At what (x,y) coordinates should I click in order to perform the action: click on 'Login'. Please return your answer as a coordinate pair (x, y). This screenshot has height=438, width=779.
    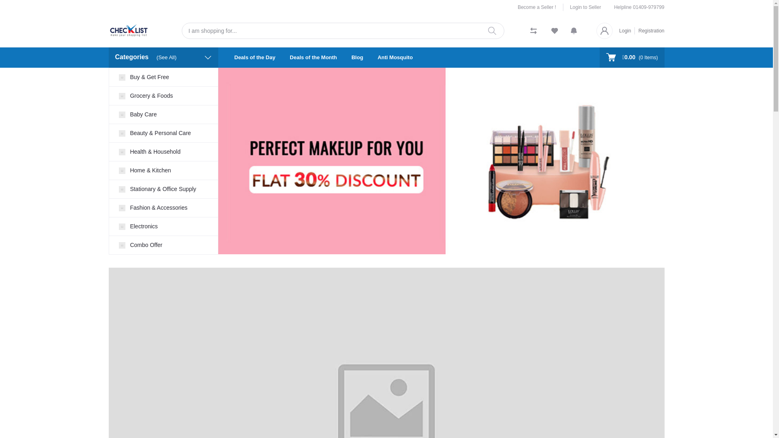
    Looking at the image, I should click on (619, 30).